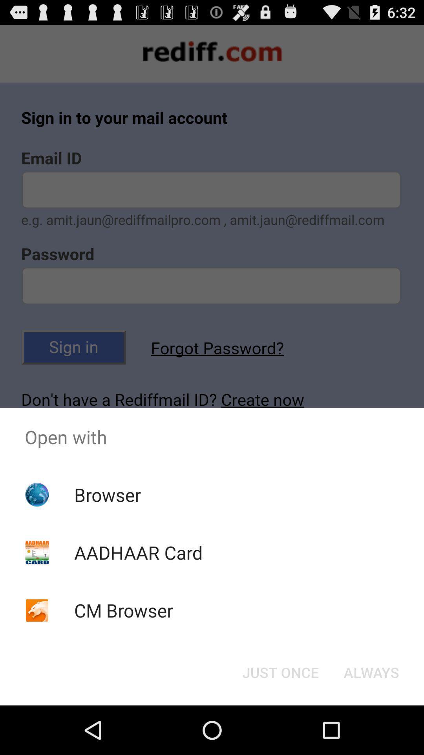 This screenshot has width=424, height=755. I want to click on button next to the just once item, so click(371, 672).